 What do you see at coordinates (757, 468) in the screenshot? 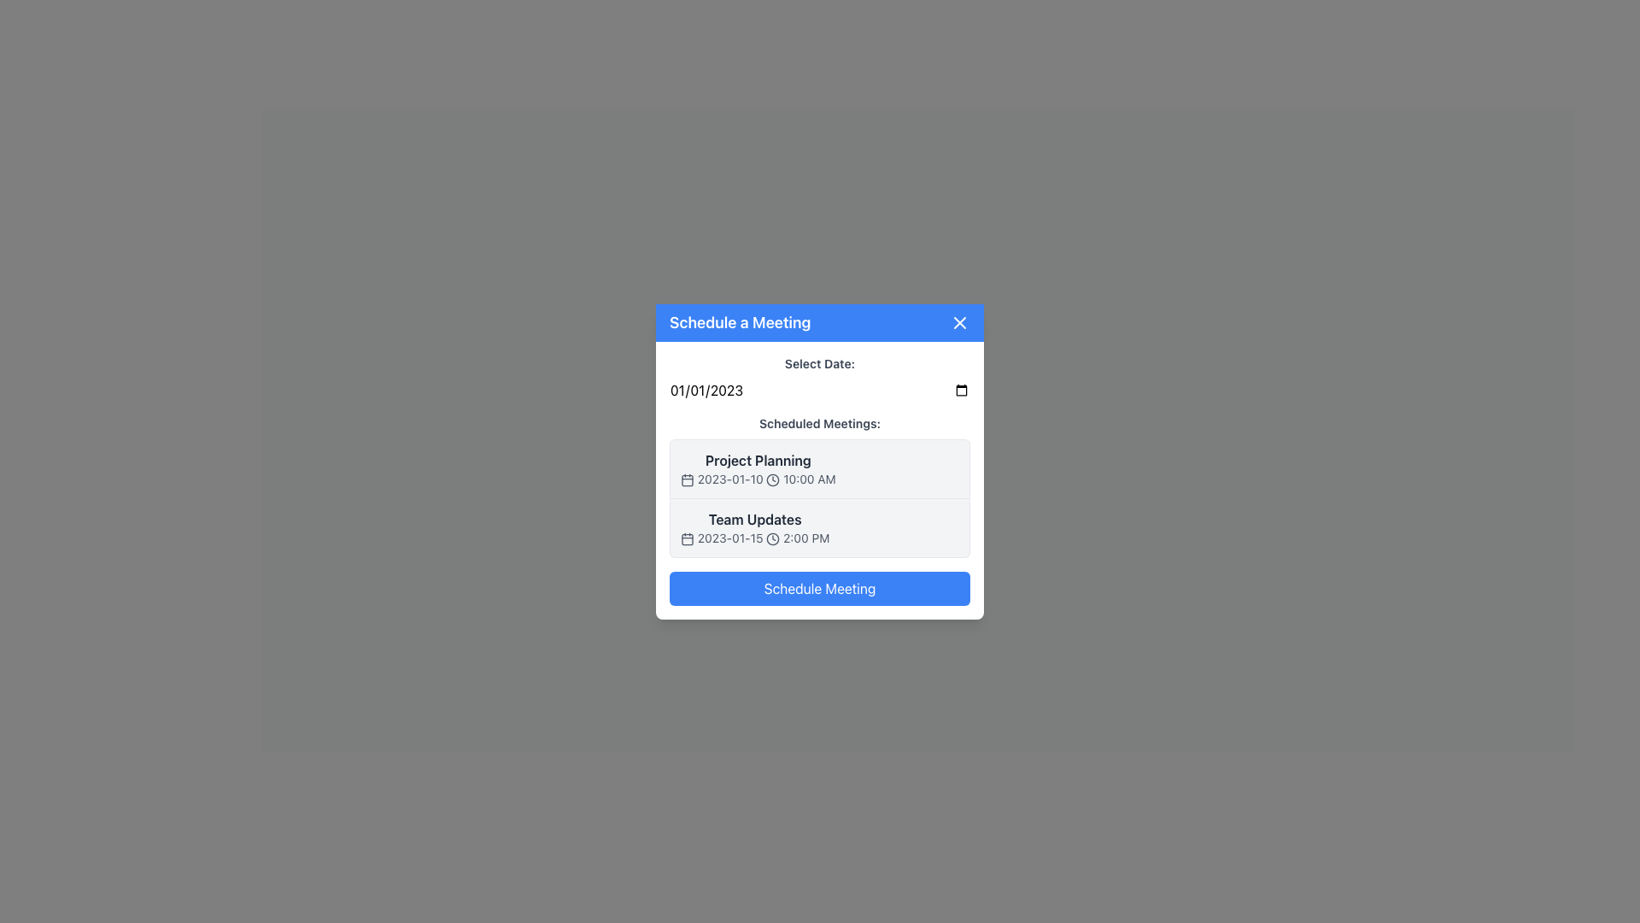
I see `the 'Project Planning' meeting detail element, which includes the title in bold and the datetime with adjacent calendar and clock icons, located in the 'Scheduled Meetings' section of the modal dialog box titled 'Schedule a Meeting'` at bounding box center [757, 468].